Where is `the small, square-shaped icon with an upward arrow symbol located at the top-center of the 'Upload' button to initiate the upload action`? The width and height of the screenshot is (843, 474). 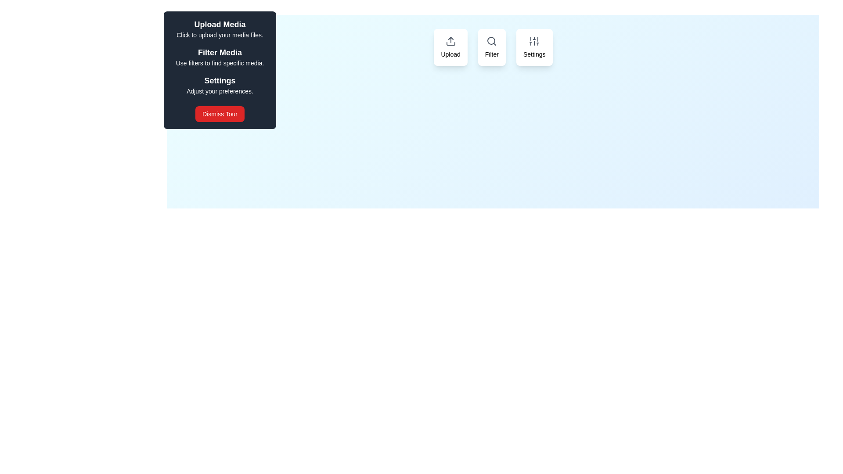 the small, square-shaped icon with an upward arrow symbol located at the top-center of the 'Upload' button to initiate the upload action is located at coordinates (450, 41).